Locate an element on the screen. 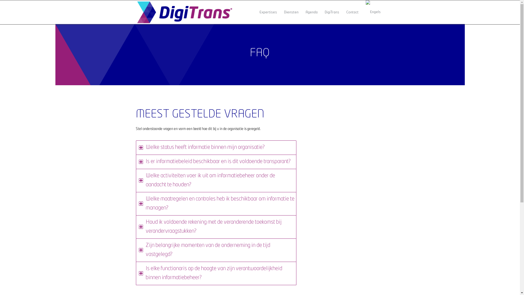 The image size is (524, 295). 'colour' is located at coordinates (185, 12).